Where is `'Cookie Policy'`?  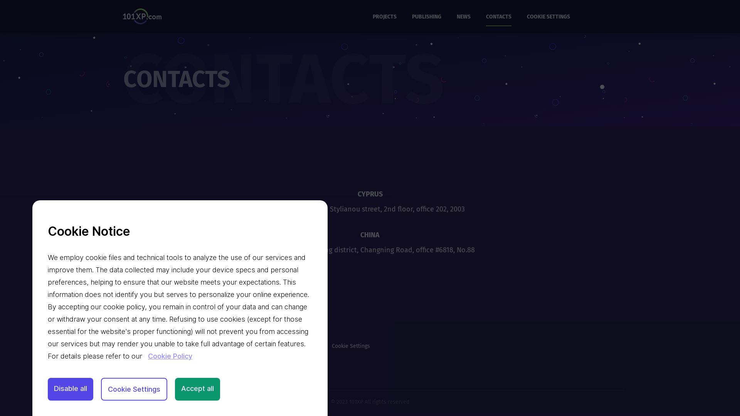 'Cookie Policy' is located at coordinates (170, 356).